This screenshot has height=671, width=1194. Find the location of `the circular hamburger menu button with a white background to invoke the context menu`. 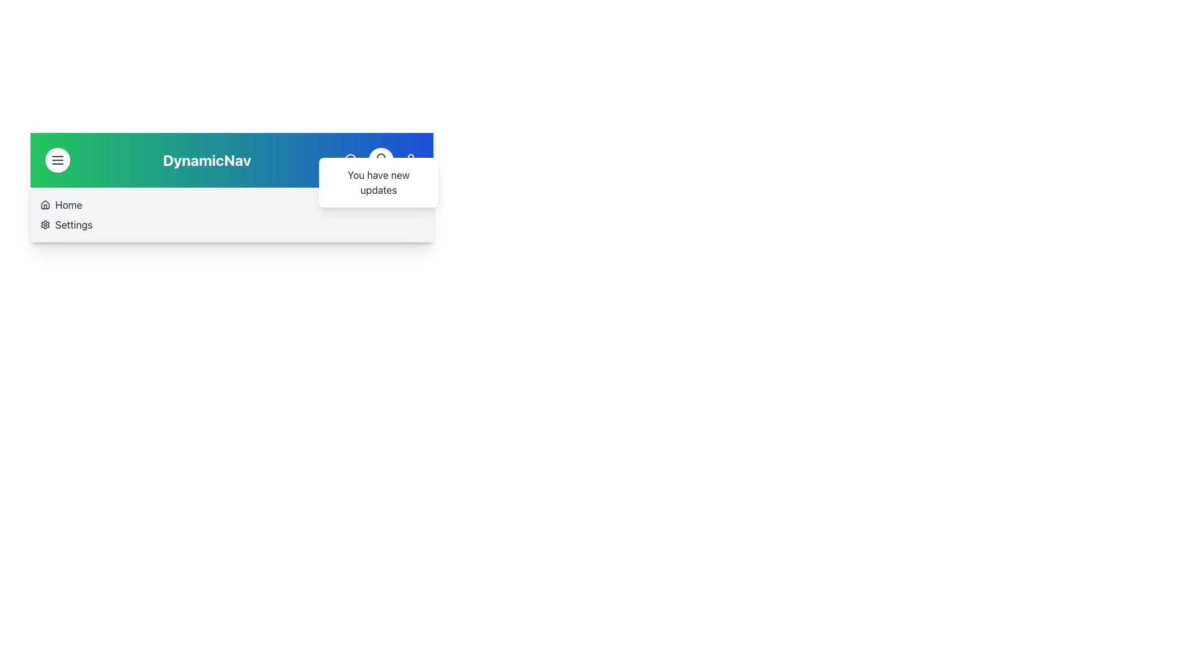

the circular hamburger menu button with a white background to invoke the context menu is located at coordinates (57, 160).